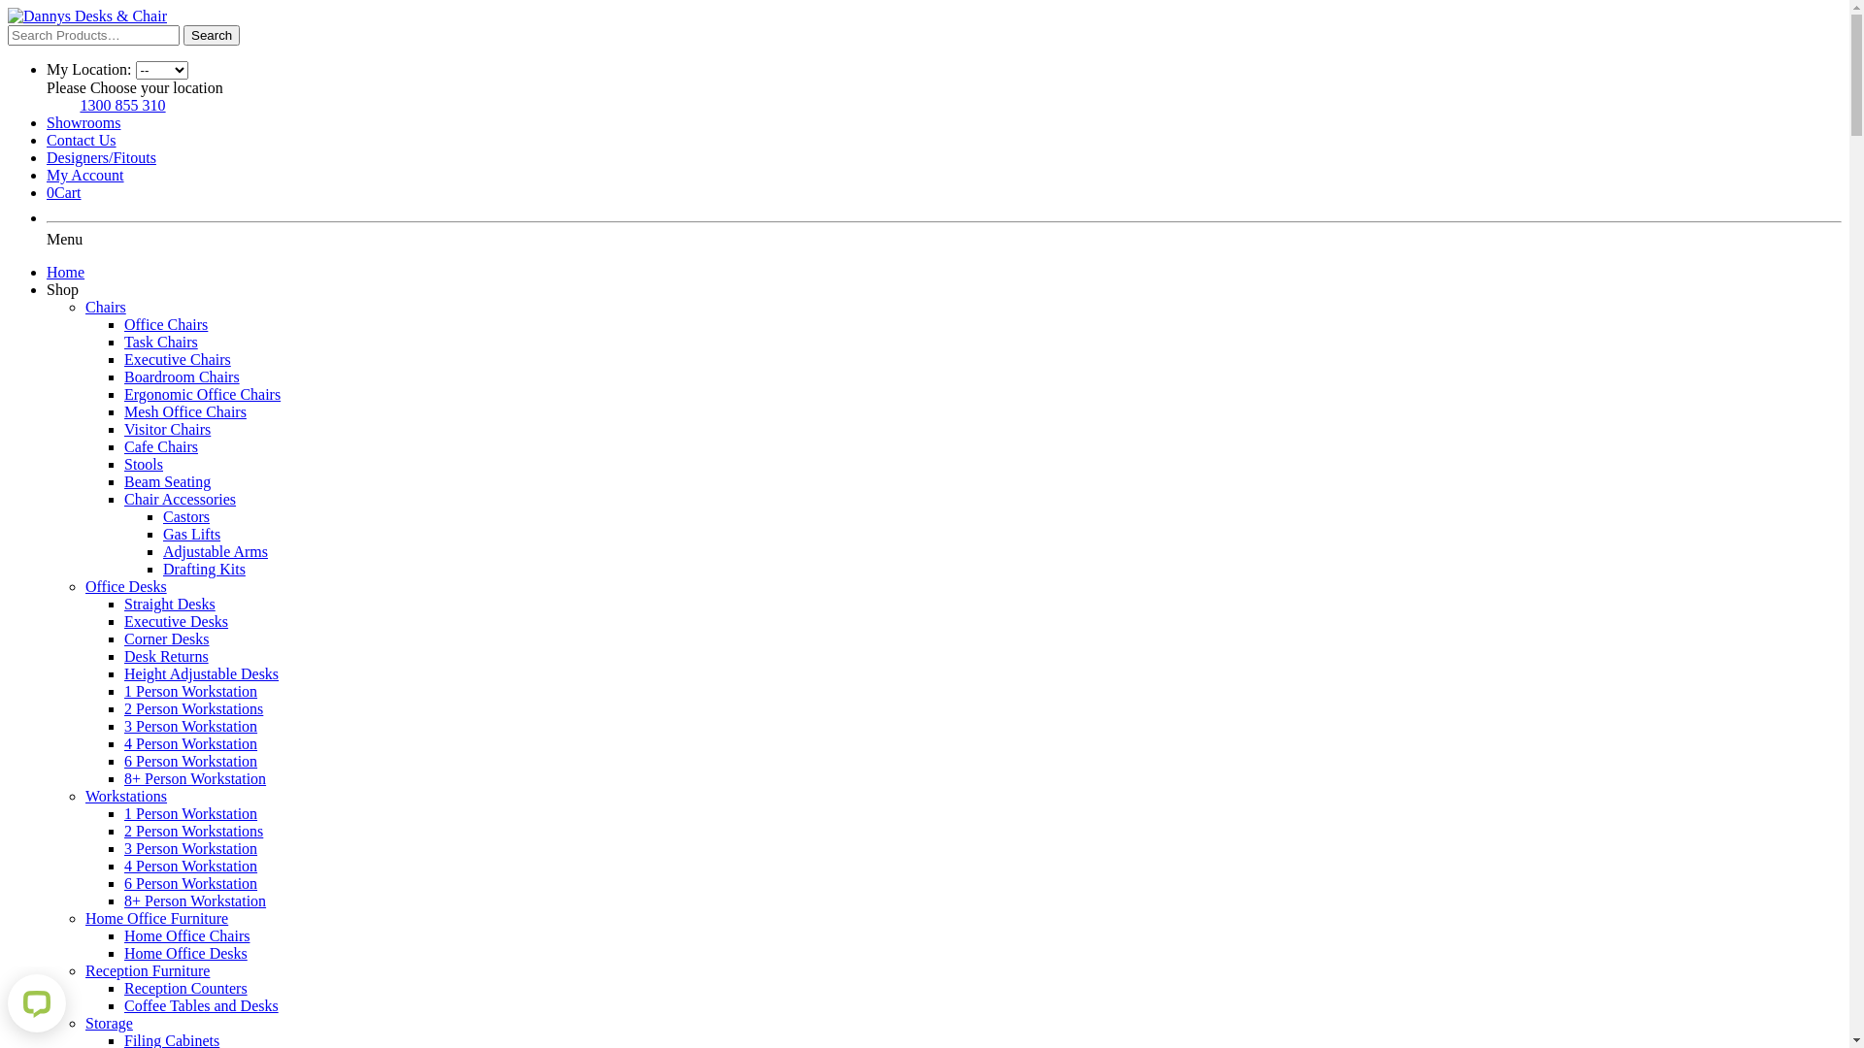  Describe the element at coordinates (190, 847) in the screenshot. I see `'3 Person Workstation'` at that location.